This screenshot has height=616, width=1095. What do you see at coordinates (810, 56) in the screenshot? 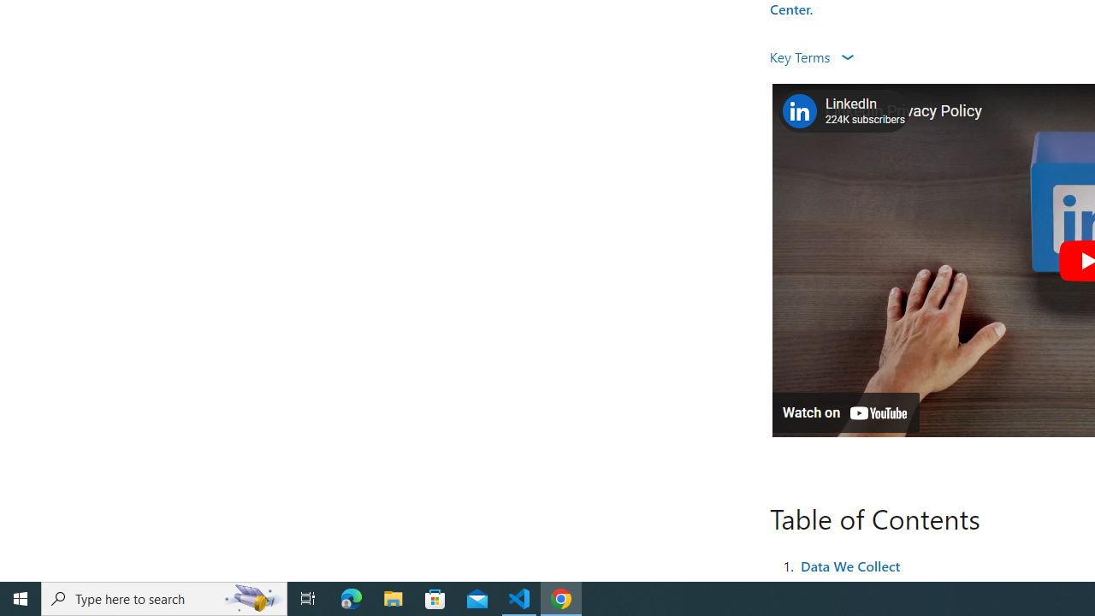
I see `'Key Terms '` at bounding box center [810, 56].